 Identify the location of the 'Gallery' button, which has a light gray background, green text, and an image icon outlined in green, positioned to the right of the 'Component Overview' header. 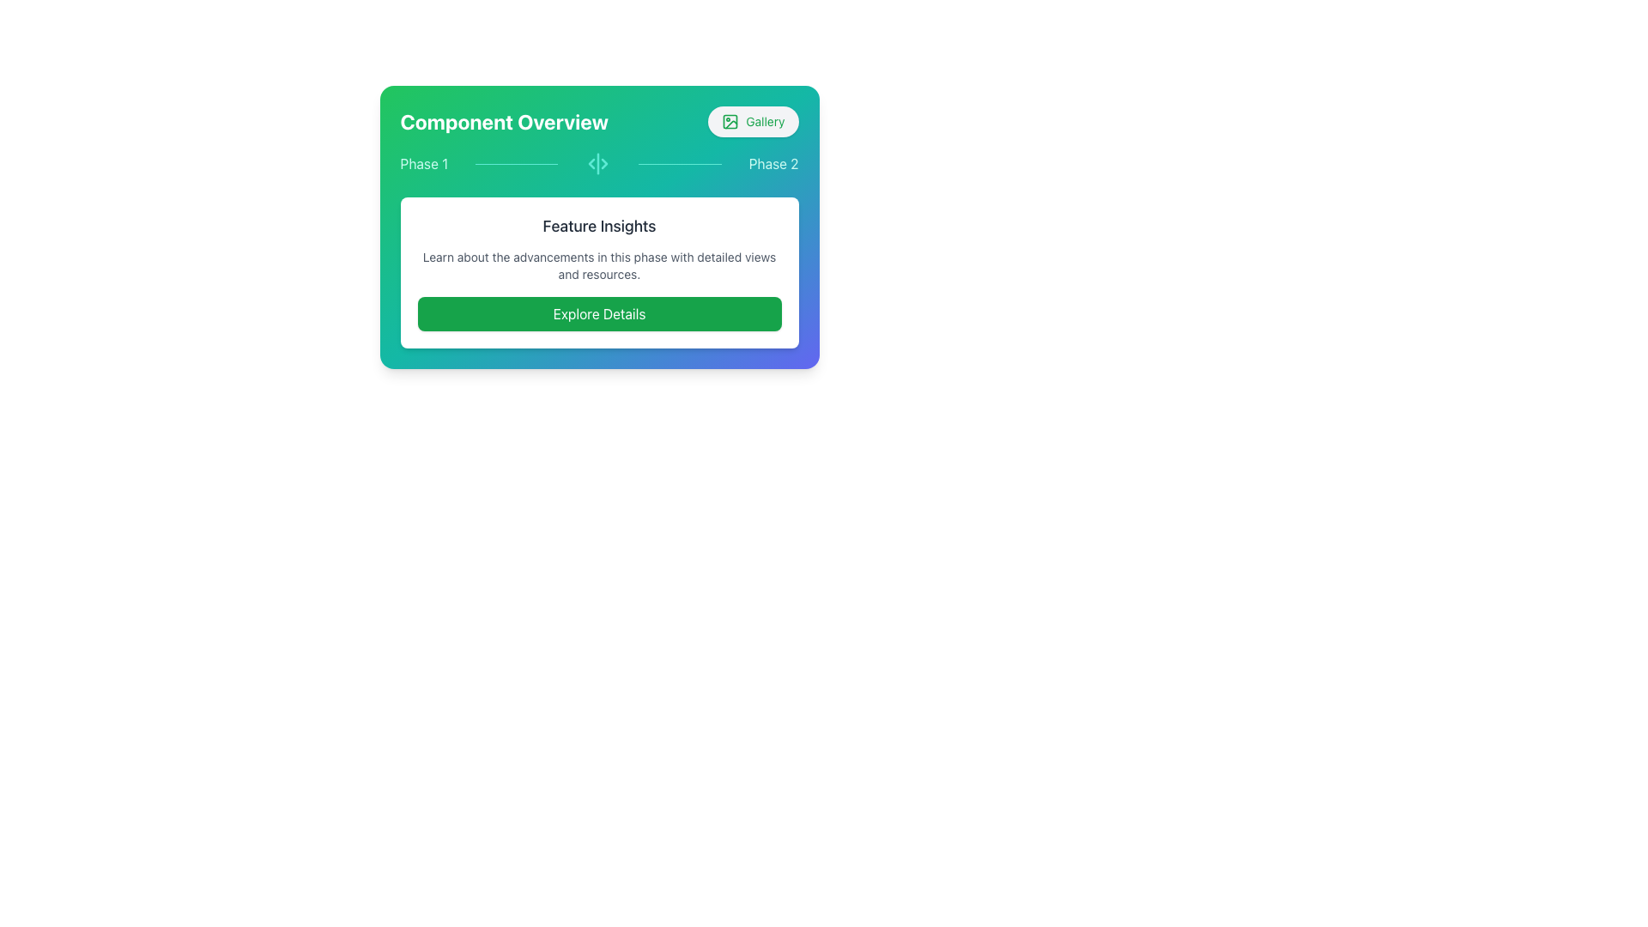
(753, 121).